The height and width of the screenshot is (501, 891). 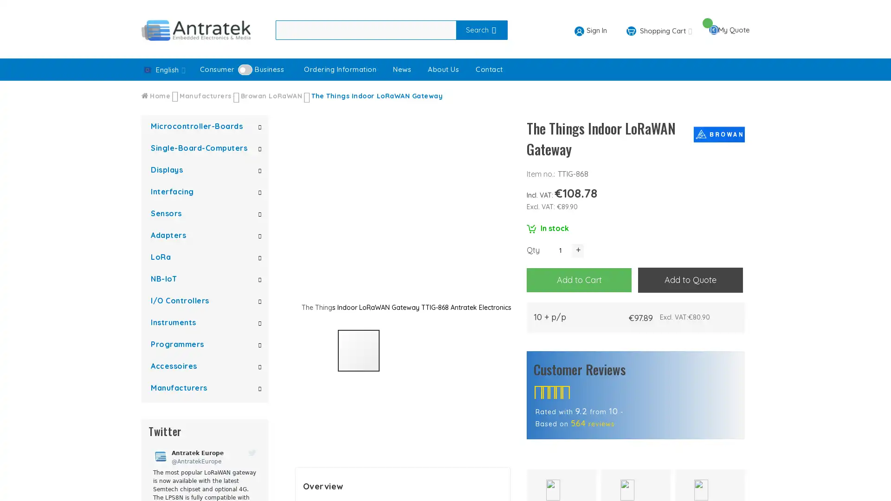 What do you see at coordinates (313, 216) in the screenshot?
I see `Previous` at bounding box center [313, 216].